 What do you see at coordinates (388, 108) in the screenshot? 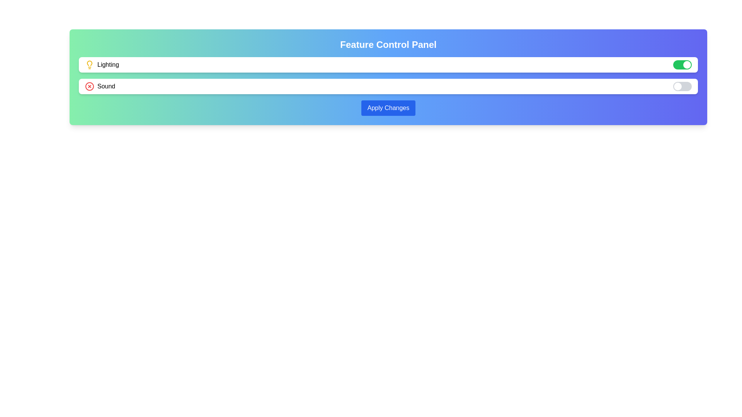
I see `the button that finalizes and applies changes in the control panel` at bounding box center [388, 108].